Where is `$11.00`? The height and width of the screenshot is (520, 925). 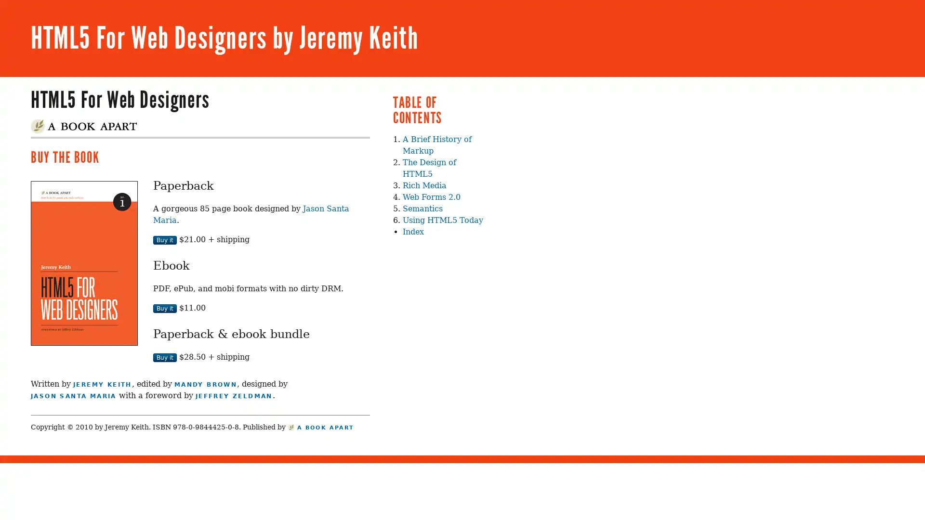
$11.00 is located at coordinates (165, 308).